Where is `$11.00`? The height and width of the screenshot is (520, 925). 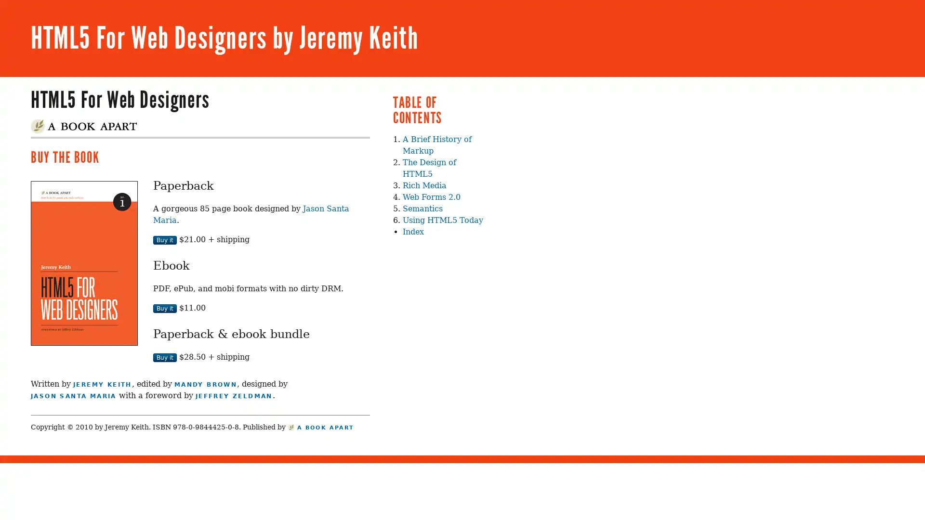
$11.00 is located at coordinates (165, 308).